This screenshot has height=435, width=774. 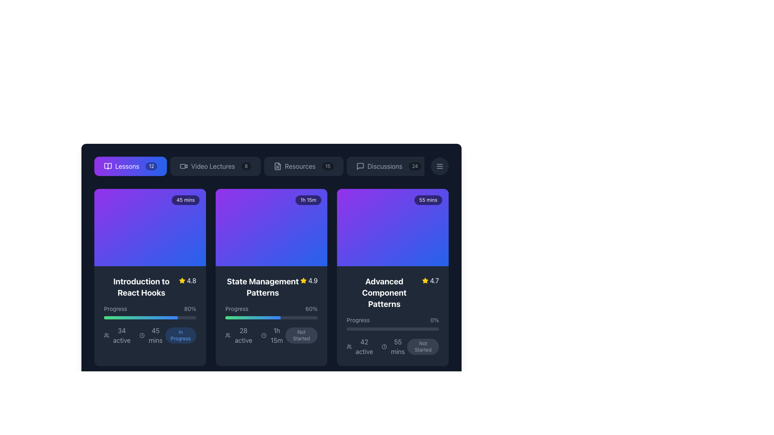 What do you see at coordinates (150, 312) in the screenshot?
I see `the progress area of the Progress Bar labeled with 'Progress' on the left and '80%' on the right, indicating completion percentage` at bounding box center [150, 312].